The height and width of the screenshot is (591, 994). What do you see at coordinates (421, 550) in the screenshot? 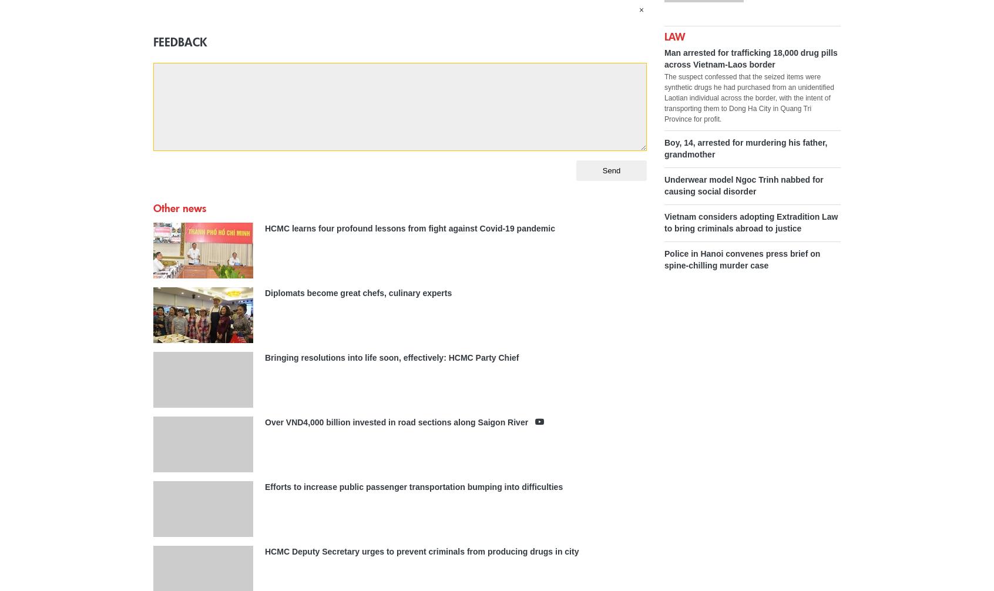
I see `'HCMC Deputy Secretary urges to prevent criminals from producing drugs in city'` at bounding box center [421, 550].